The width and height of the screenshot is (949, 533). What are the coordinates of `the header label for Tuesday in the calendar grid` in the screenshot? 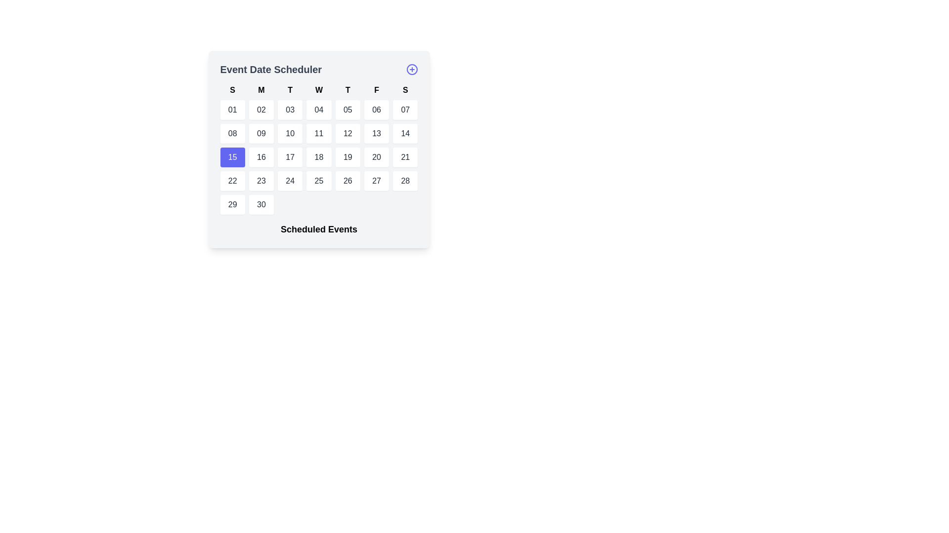 It's located at (290, 90).